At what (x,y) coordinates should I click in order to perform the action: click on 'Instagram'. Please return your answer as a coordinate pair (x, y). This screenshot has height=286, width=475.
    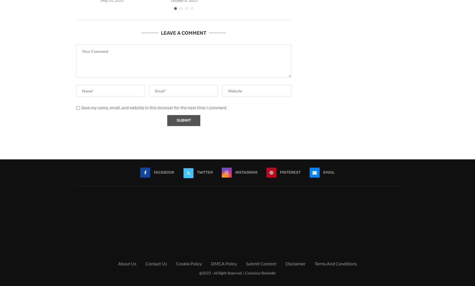
    Looking at the image, I should click on (246, 172).